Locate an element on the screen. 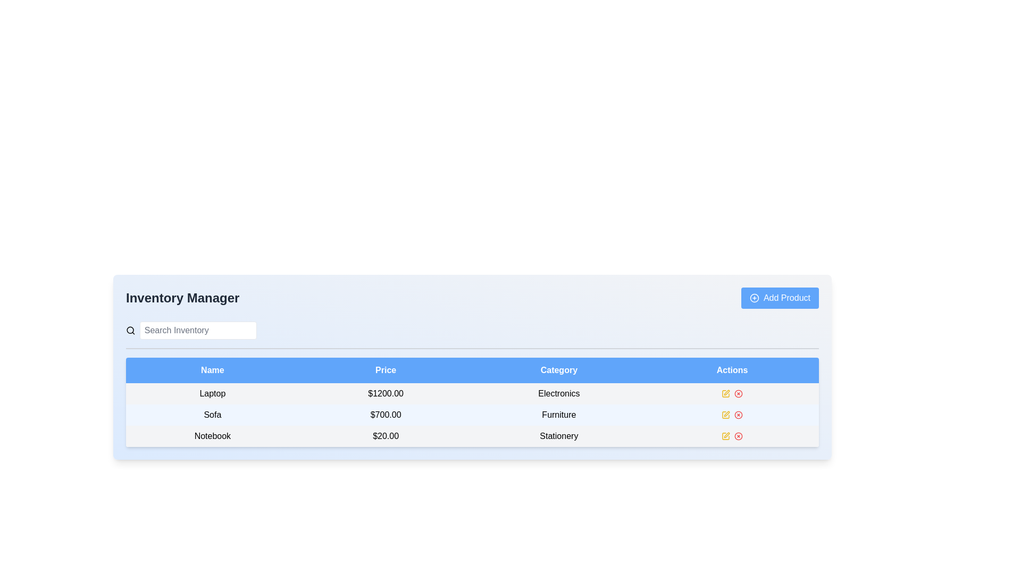  the magnifying glass icon, which is a small decorative SVG icon styled with a circular outline and a handle, located to the immediate left of the 'Search Inventory' text input box, to initiate a search is located at coordinates (130, 330).